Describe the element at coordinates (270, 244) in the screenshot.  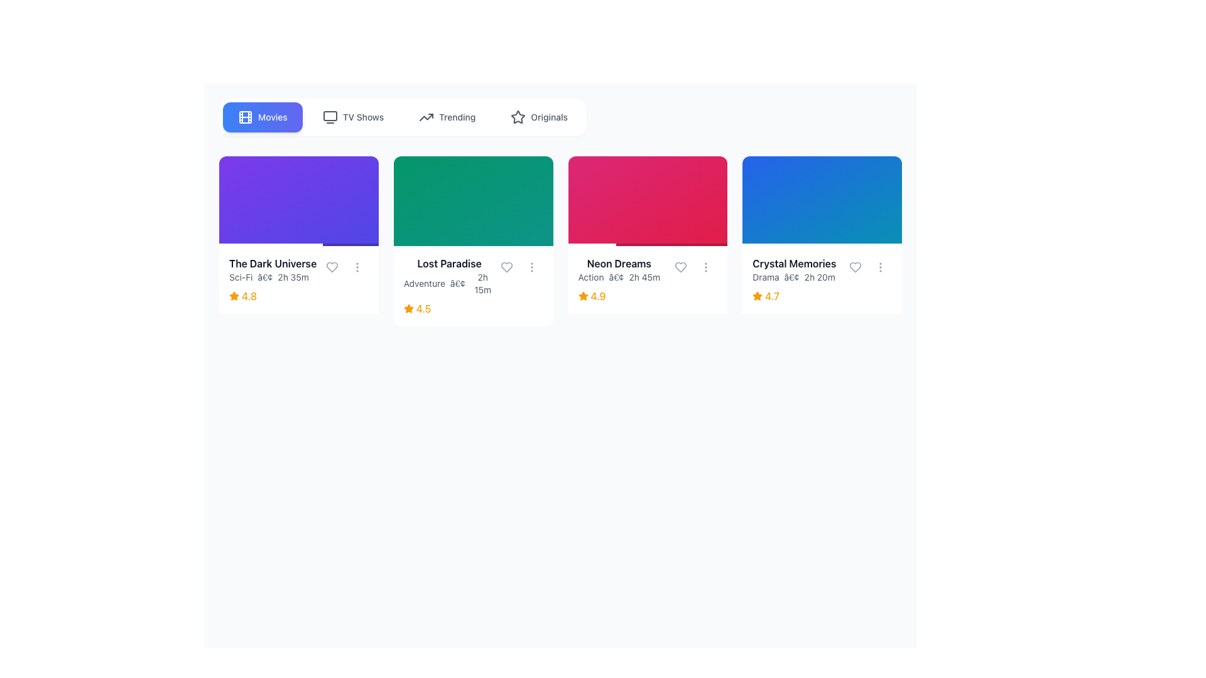
I see `the progress bar located at the bottom of 'The Dark Universe' card in the Movies section` at that location.